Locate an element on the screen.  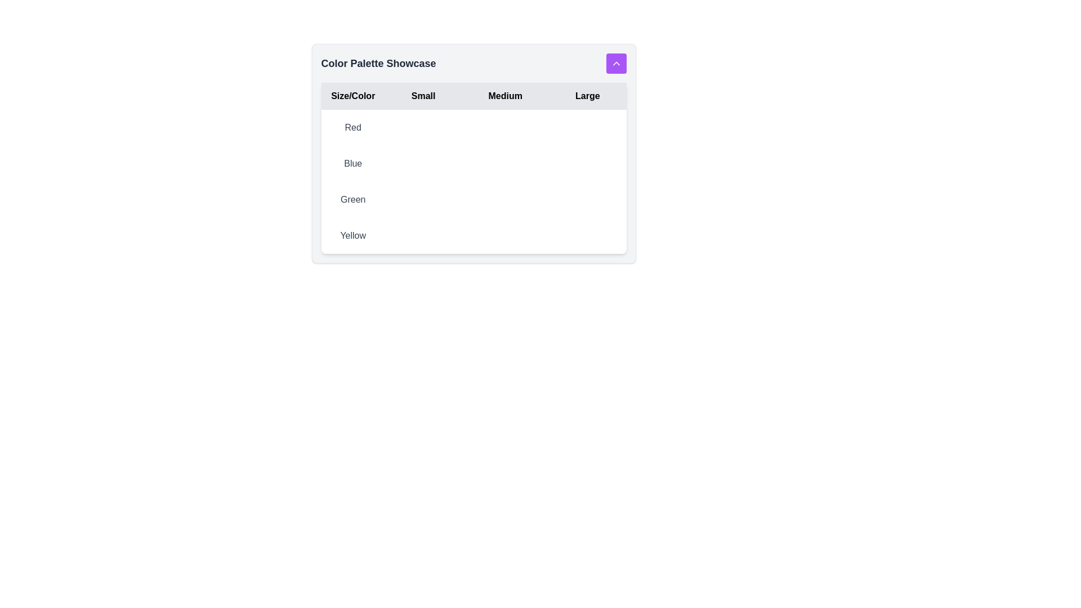
the 'Small' size button in the 'Red' color category within the 'Color Palette Showcase' interface to select it is located at coordinates (423, 127).